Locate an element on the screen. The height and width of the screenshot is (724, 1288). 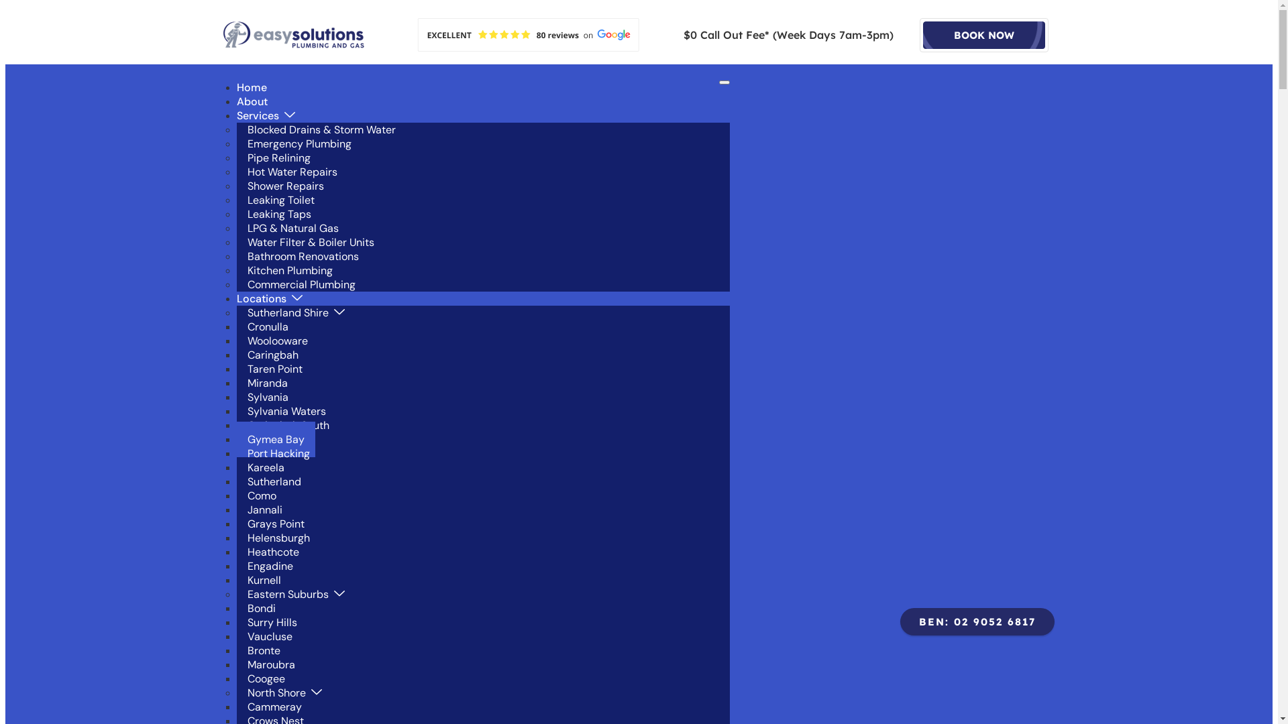
'LPG & Natural Gas' is located at coordinates (292, 227).